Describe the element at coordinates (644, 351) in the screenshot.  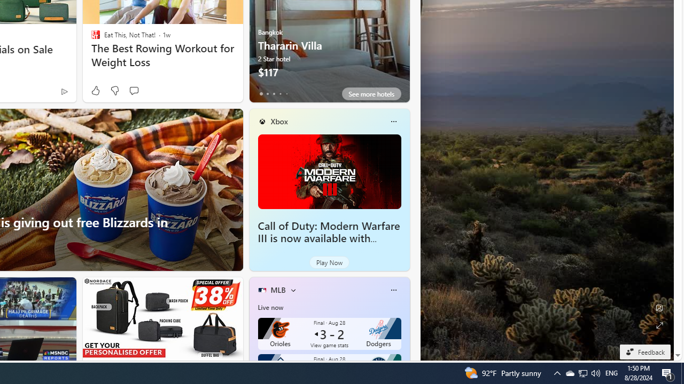
I see `'Feedback'` at that location.